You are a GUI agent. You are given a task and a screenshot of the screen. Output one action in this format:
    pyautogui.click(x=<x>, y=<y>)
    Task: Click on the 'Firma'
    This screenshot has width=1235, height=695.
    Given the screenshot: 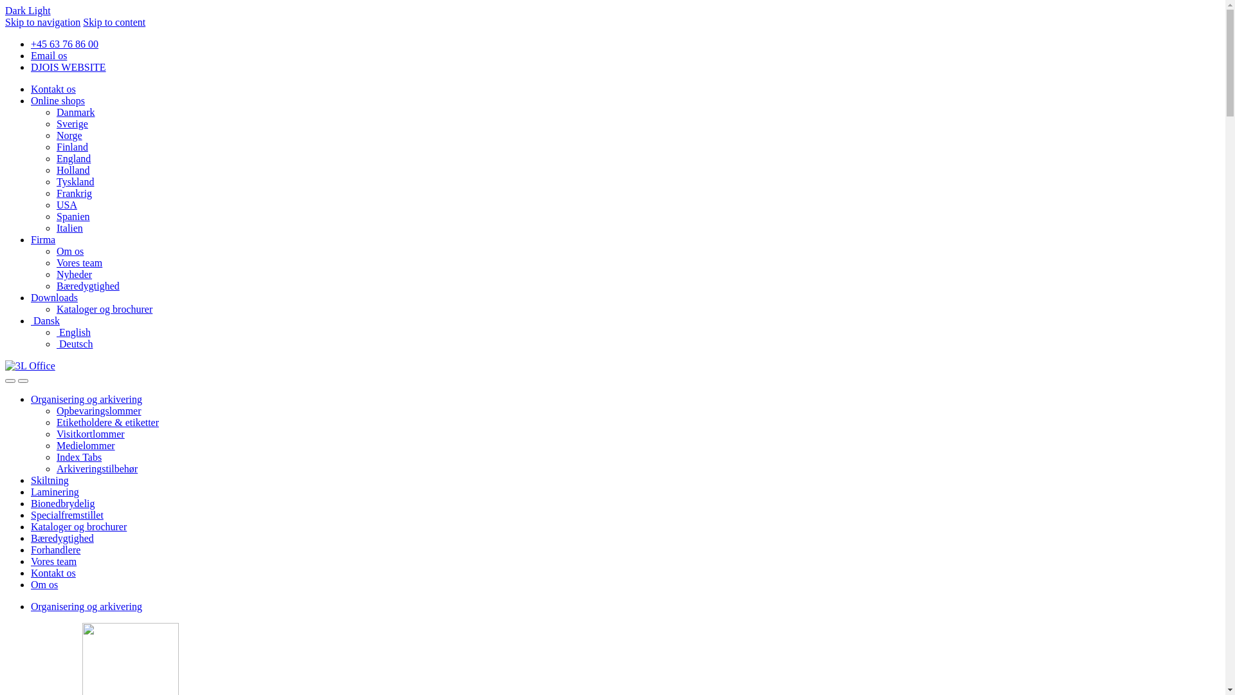 What is the action you would take?
    pyautogui.click(x=43, y=239)
    